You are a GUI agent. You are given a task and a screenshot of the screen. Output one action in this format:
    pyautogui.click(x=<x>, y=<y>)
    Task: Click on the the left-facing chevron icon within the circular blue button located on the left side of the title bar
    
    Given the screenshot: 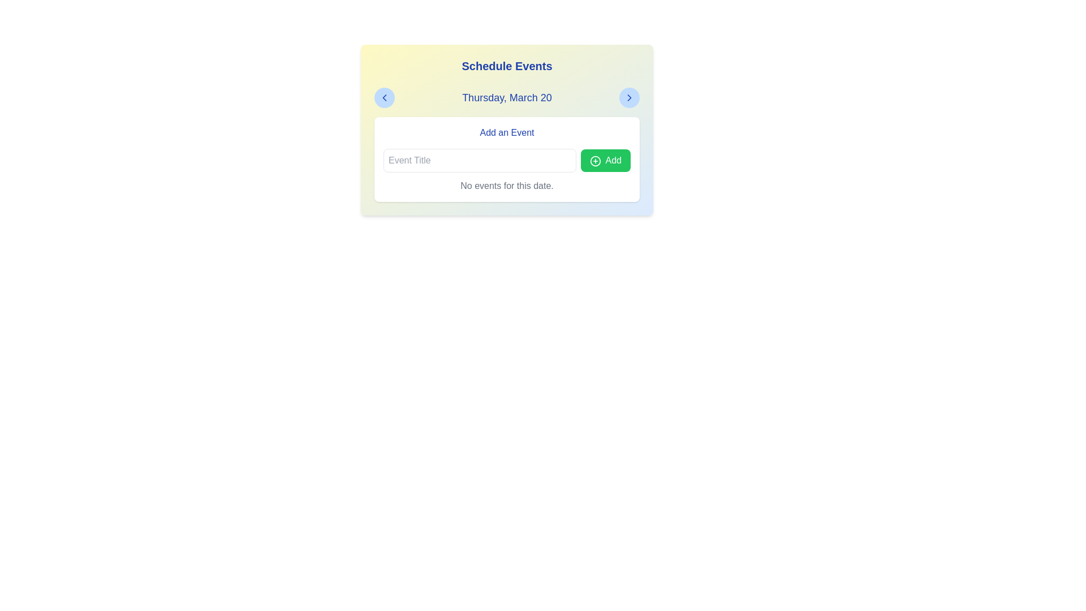 What is the action you would take?
    pyautogui.click(x=385, y=97)
    